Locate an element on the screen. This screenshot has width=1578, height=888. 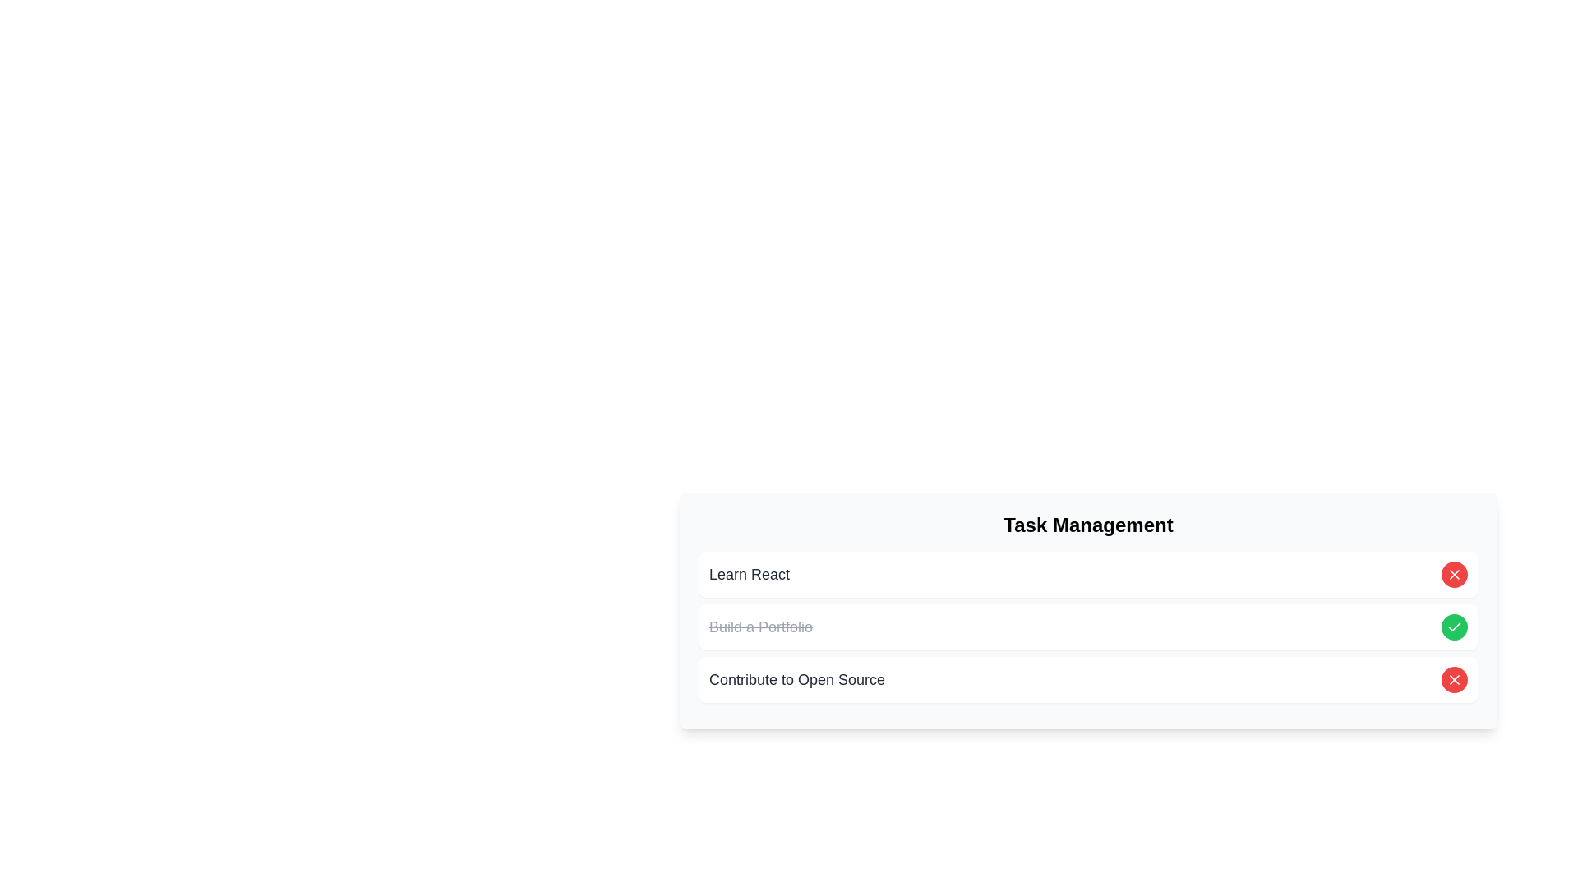
text label that says 'Contribute to Open Source', which is the third item in the task list, styled with a larger font size and dark gray color is located at coordinates (796, 679).